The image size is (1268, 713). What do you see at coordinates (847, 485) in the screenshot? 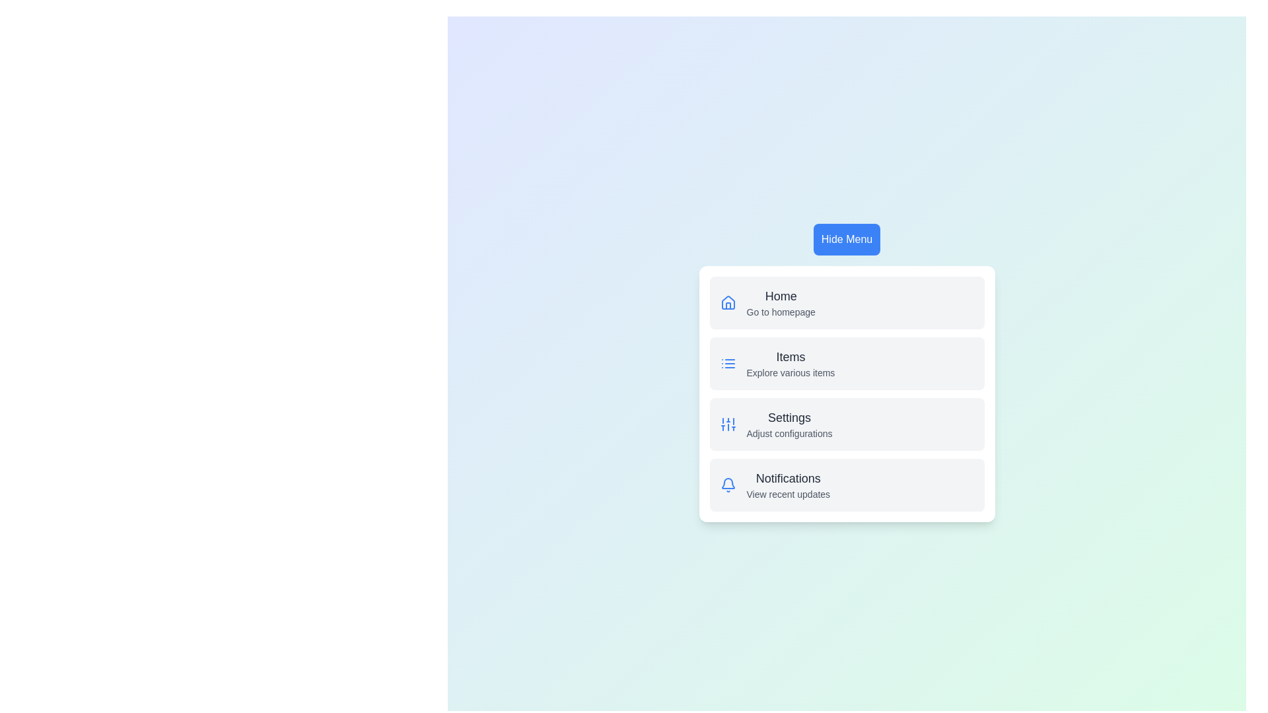
I see `the menu item labeled Notifications to observe the hover state change` at bounding box center [847, 485].